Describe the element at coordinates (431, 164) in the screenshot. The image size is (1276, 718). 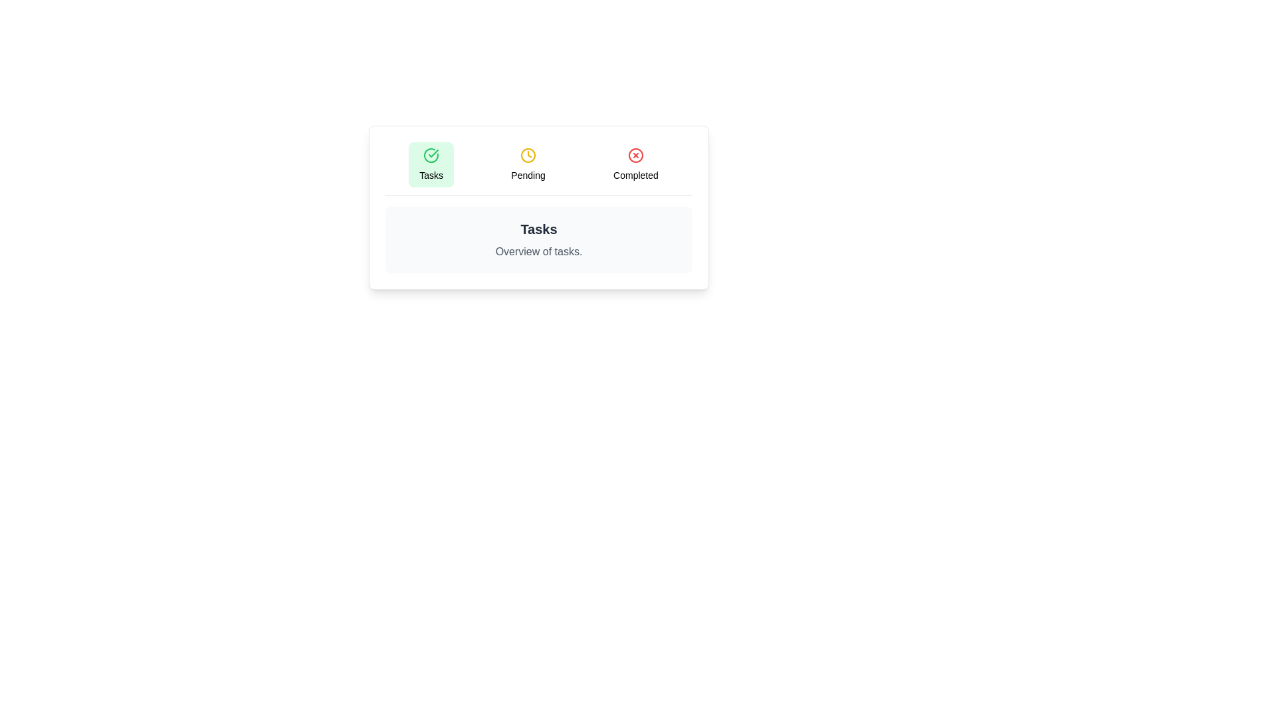
I see `the Tasks tab to view its content` at that location.